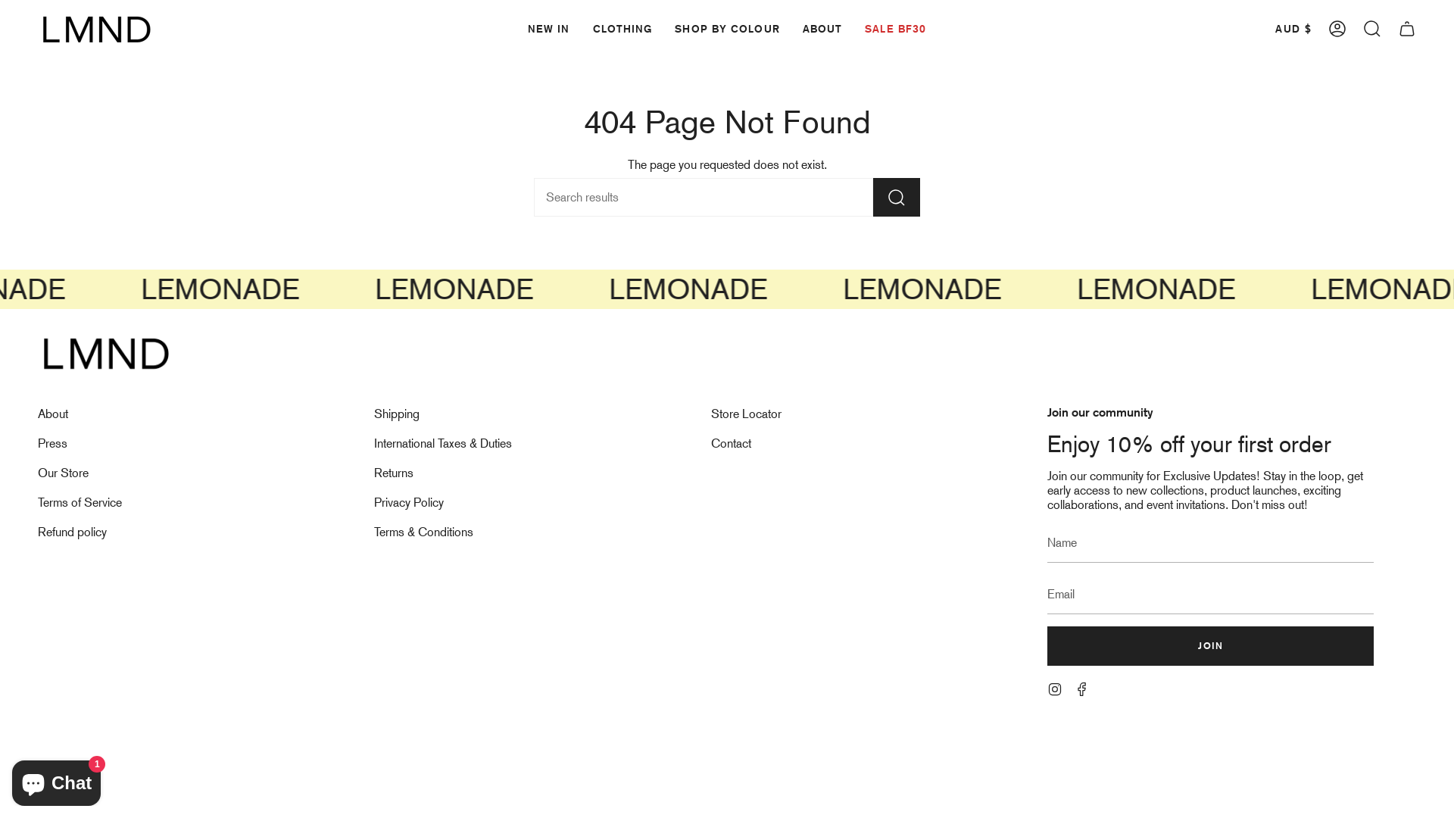 The image size is (1454, 818). What do you see at coordinates (374, 472) in the screenshot?
I see `'Returns'` at bounding box center [374, 472].